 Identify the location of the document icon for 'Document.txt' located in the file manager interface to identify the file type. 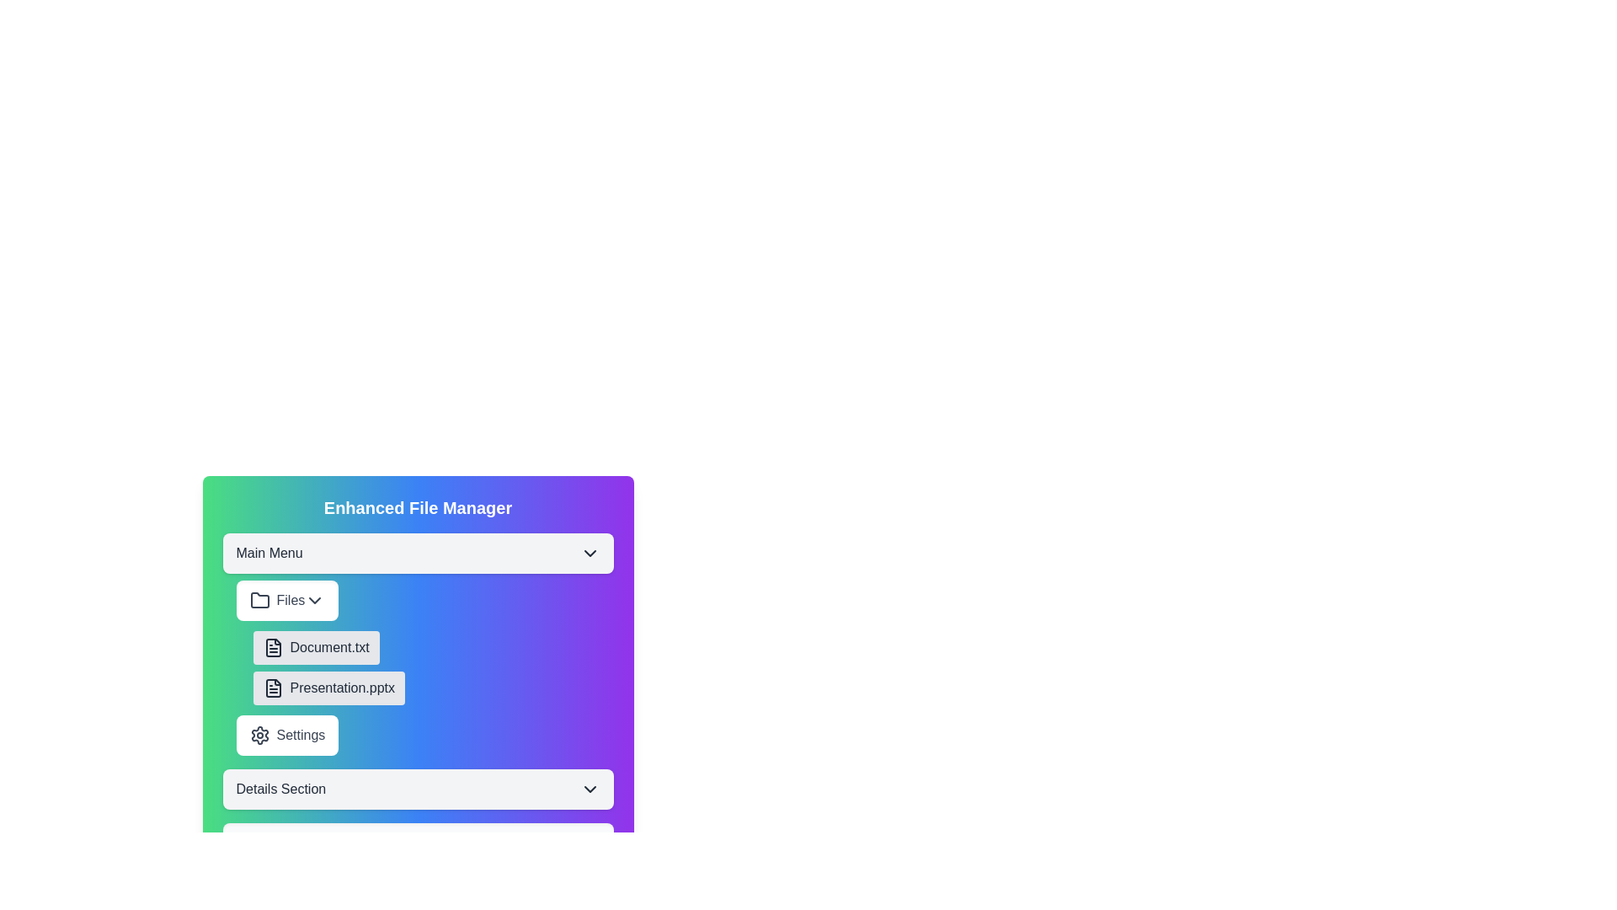
(273, 646).